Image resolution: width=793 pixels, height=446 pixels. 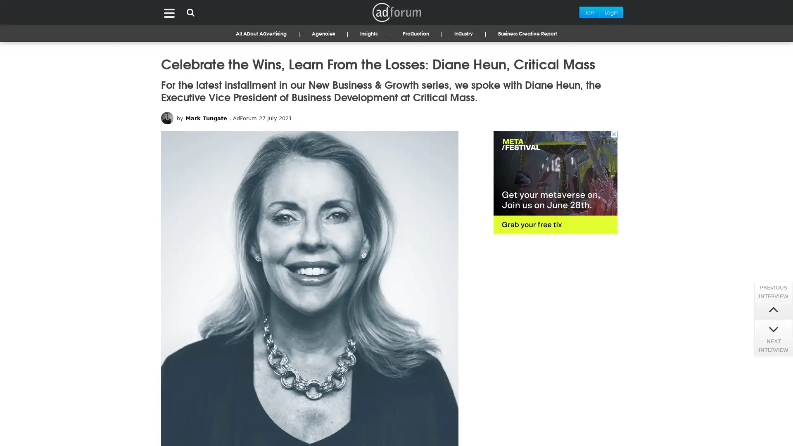 I want to click on Join, so click(x=589, y=12).